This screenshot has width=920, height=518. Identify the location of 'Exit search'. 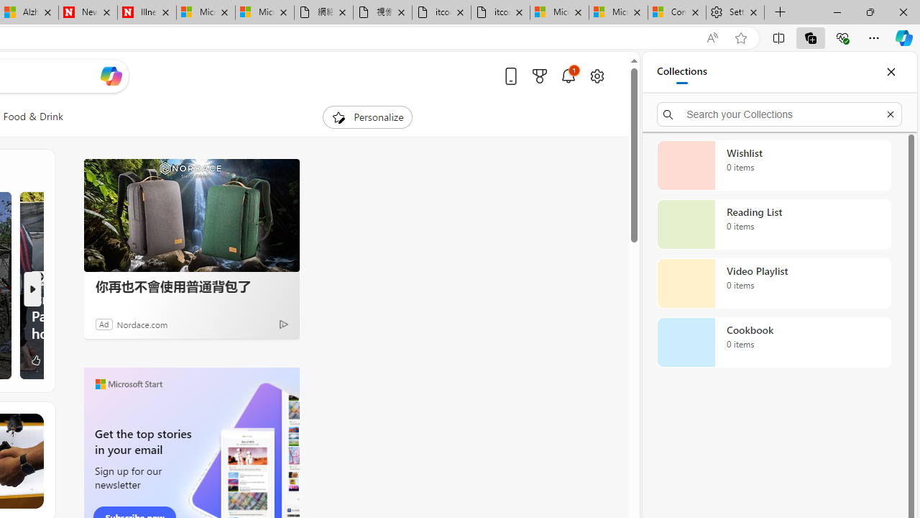
(890, 114).